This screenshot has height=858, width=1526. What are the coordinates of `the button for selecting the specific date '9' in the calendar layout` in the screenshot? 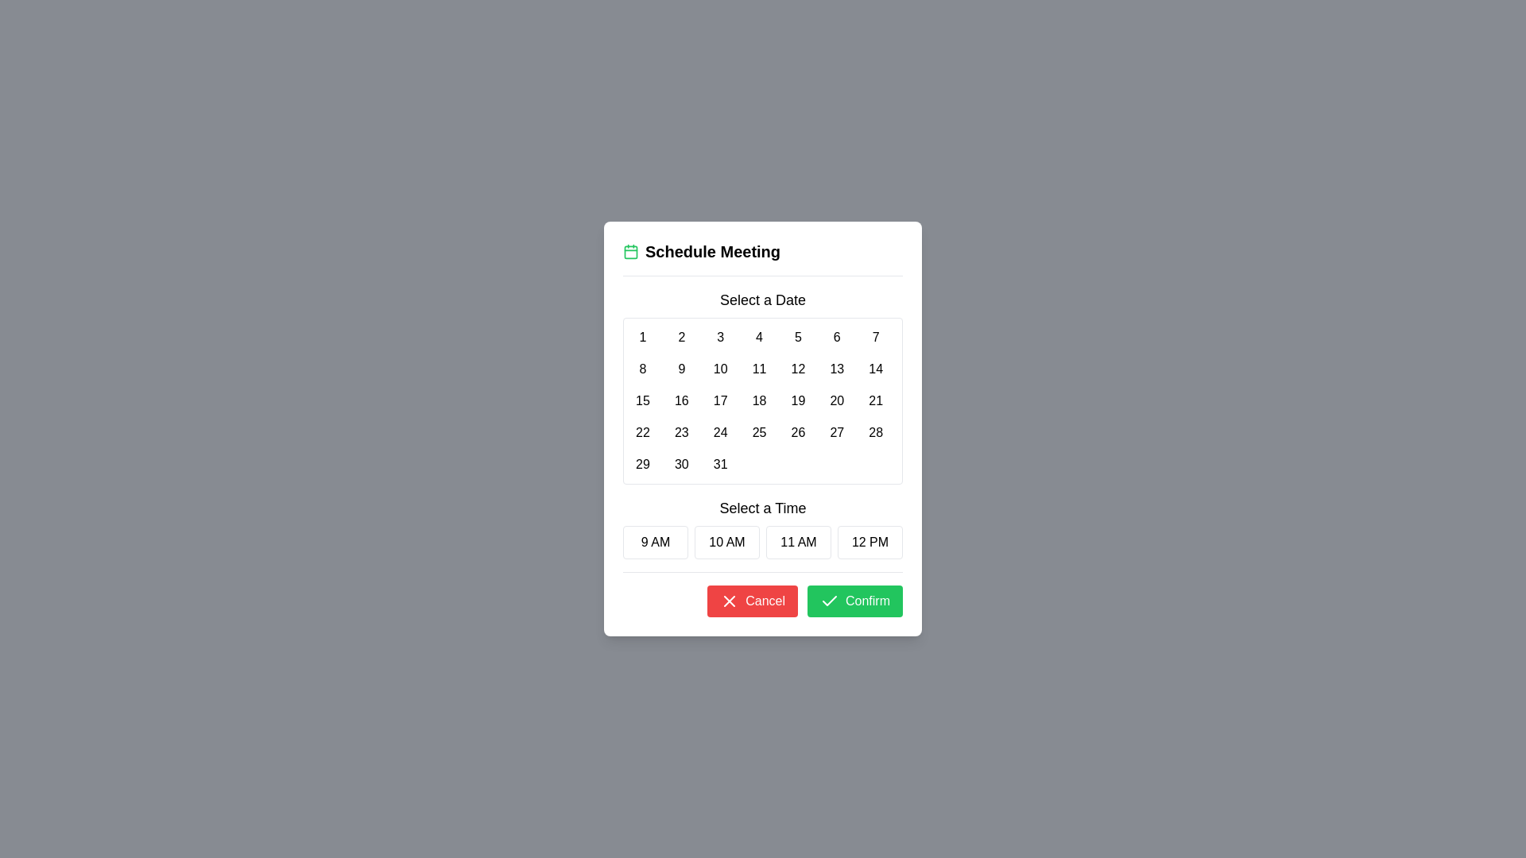 It's located at (681, 369).